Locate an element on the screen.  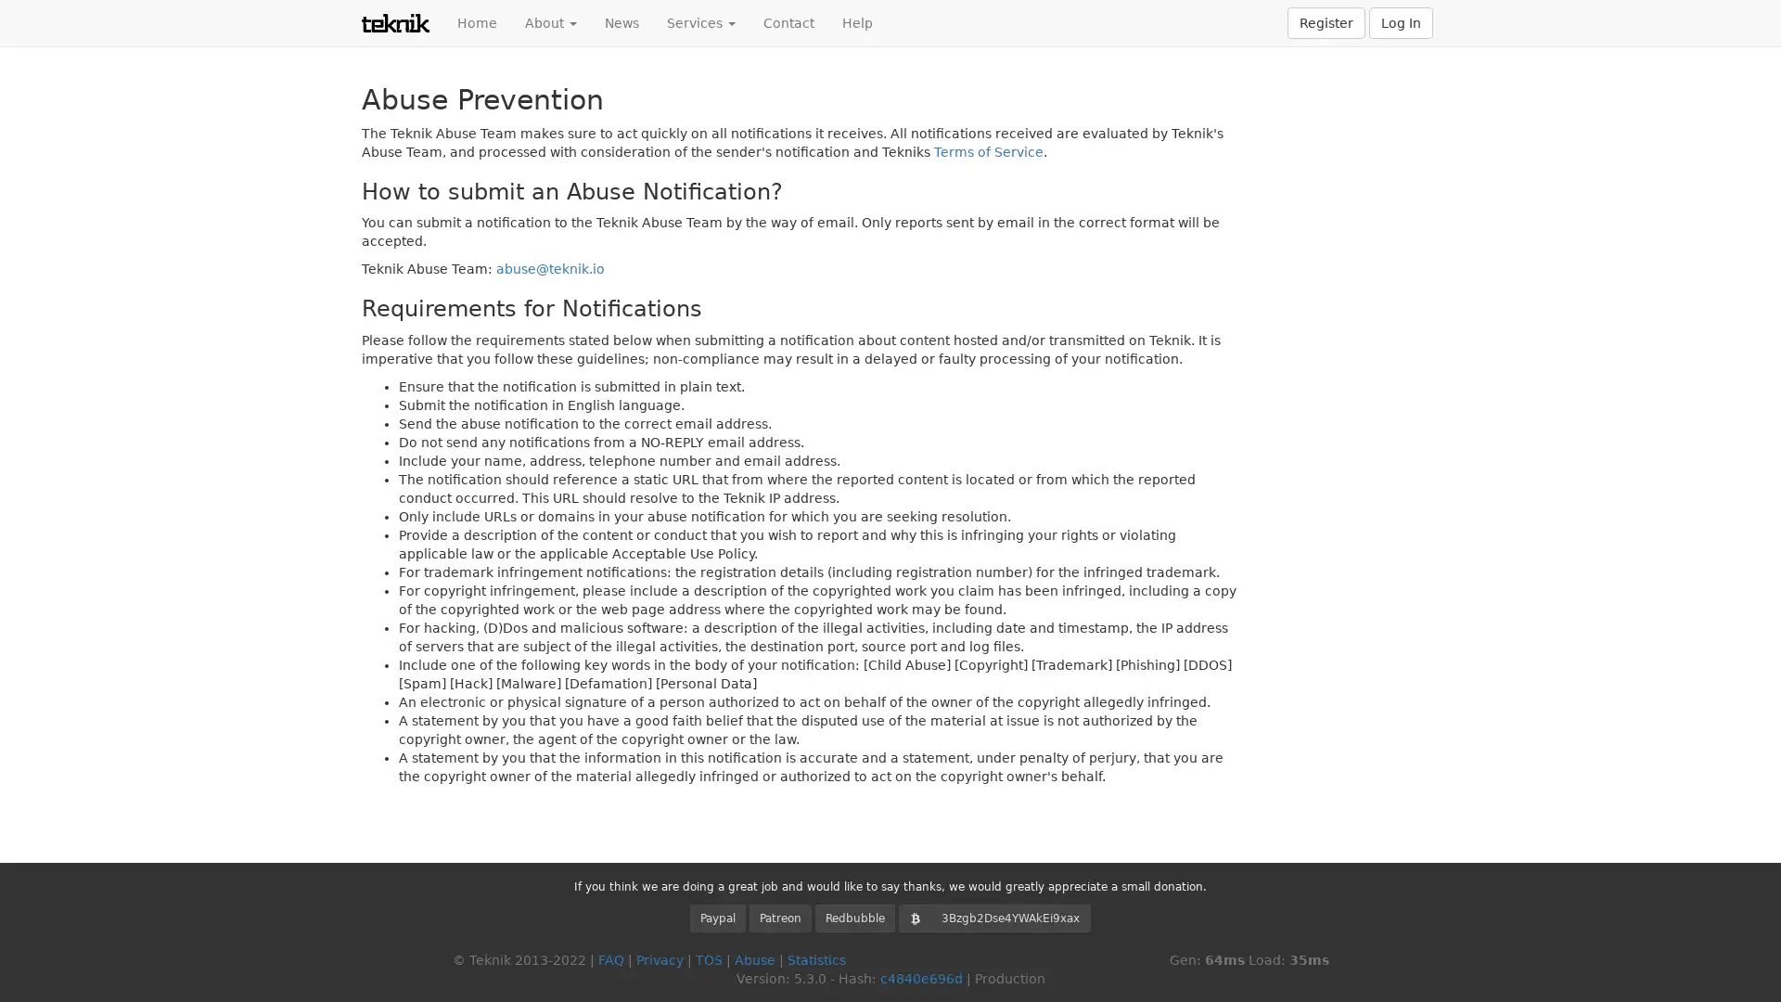
Paypal is located at coordinates (716, 918).